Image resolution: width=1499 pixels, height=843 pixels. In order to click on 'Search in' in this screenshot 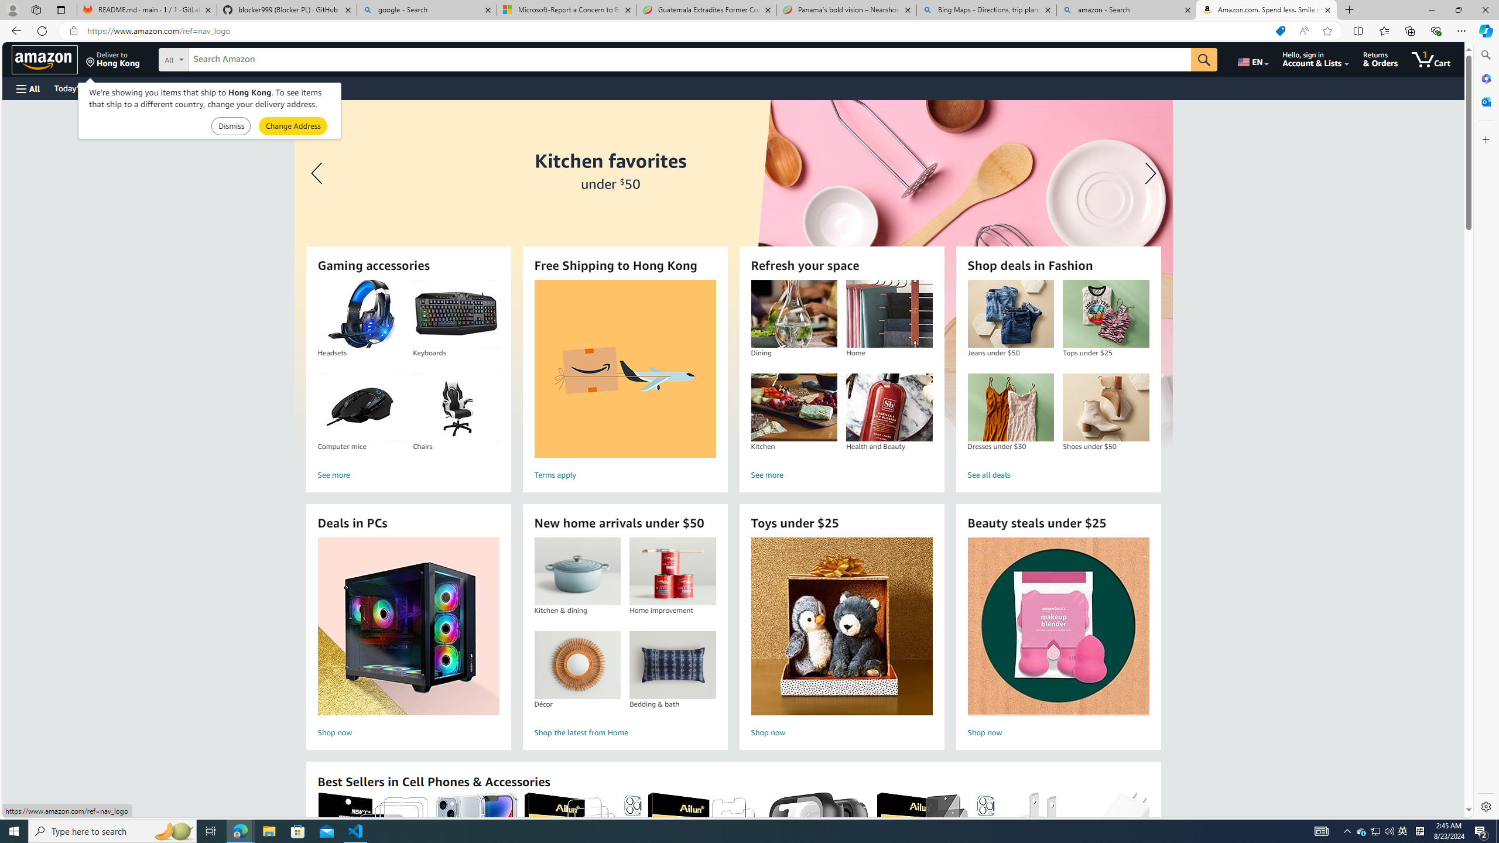, I will do `click(217, 58)`.